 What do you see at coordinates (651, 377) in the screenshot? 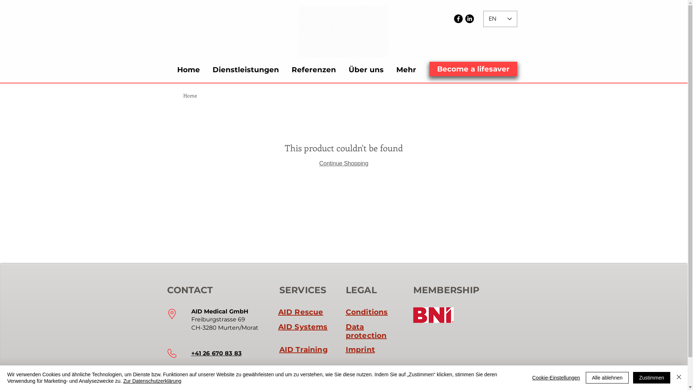
I see `'Zustimmen'` at bounding box center [651, 377].